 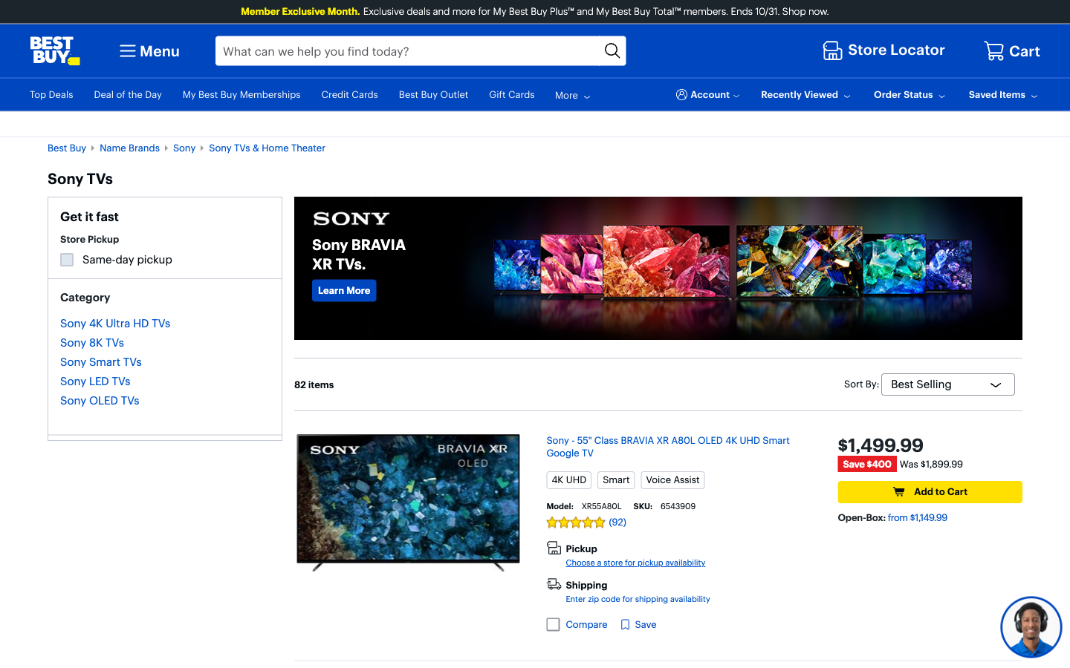 What do you see at coordinates (637, 599) in the screenshot?
I see `Check availability of the first TV on the page for pin code 15217` at bounding box center [637, 599].